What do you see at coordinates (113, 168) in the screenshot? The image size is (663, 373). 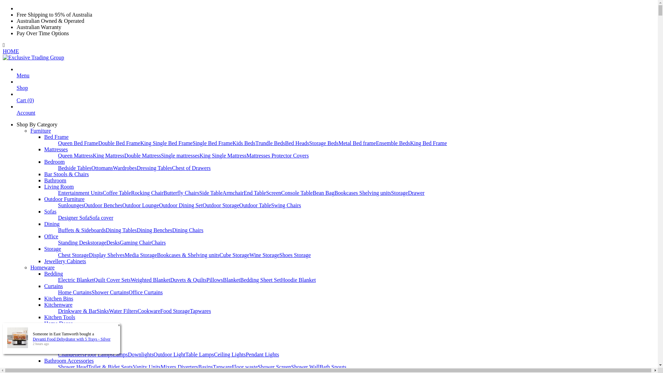 I see `'Wardrobes'` at bounding box center [113, 168].